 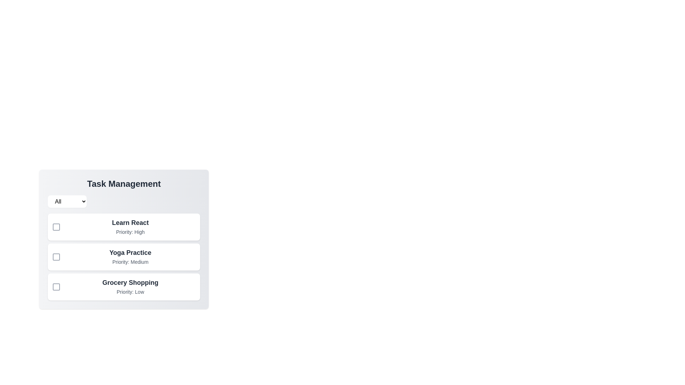 I want to click on the filter dropdown and choose the Low option, so click(x=67, y=201).